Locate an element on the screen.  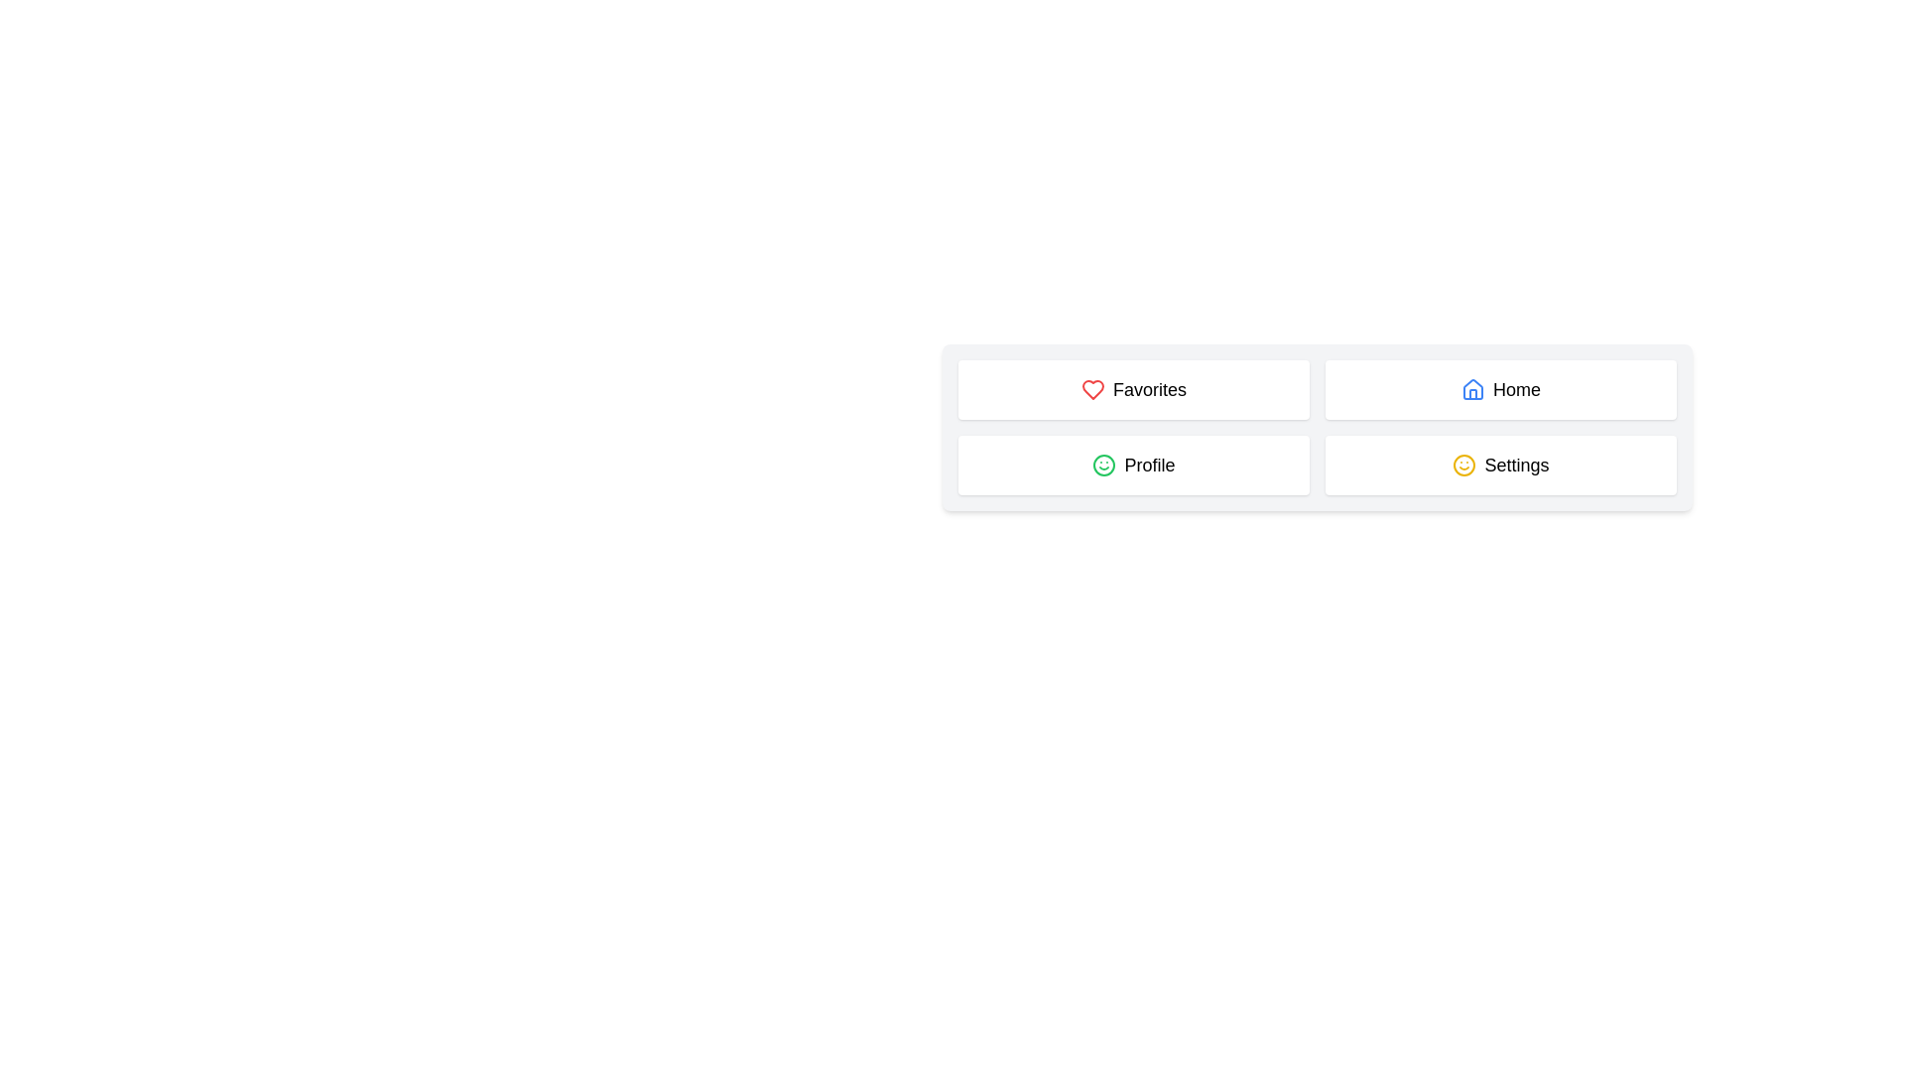
the 'Favorites' icon, which serves as a visual indicator for favorite items, located in the top-left section of the grid before the text 'Favorites' is located at coordinates (1091, 390).